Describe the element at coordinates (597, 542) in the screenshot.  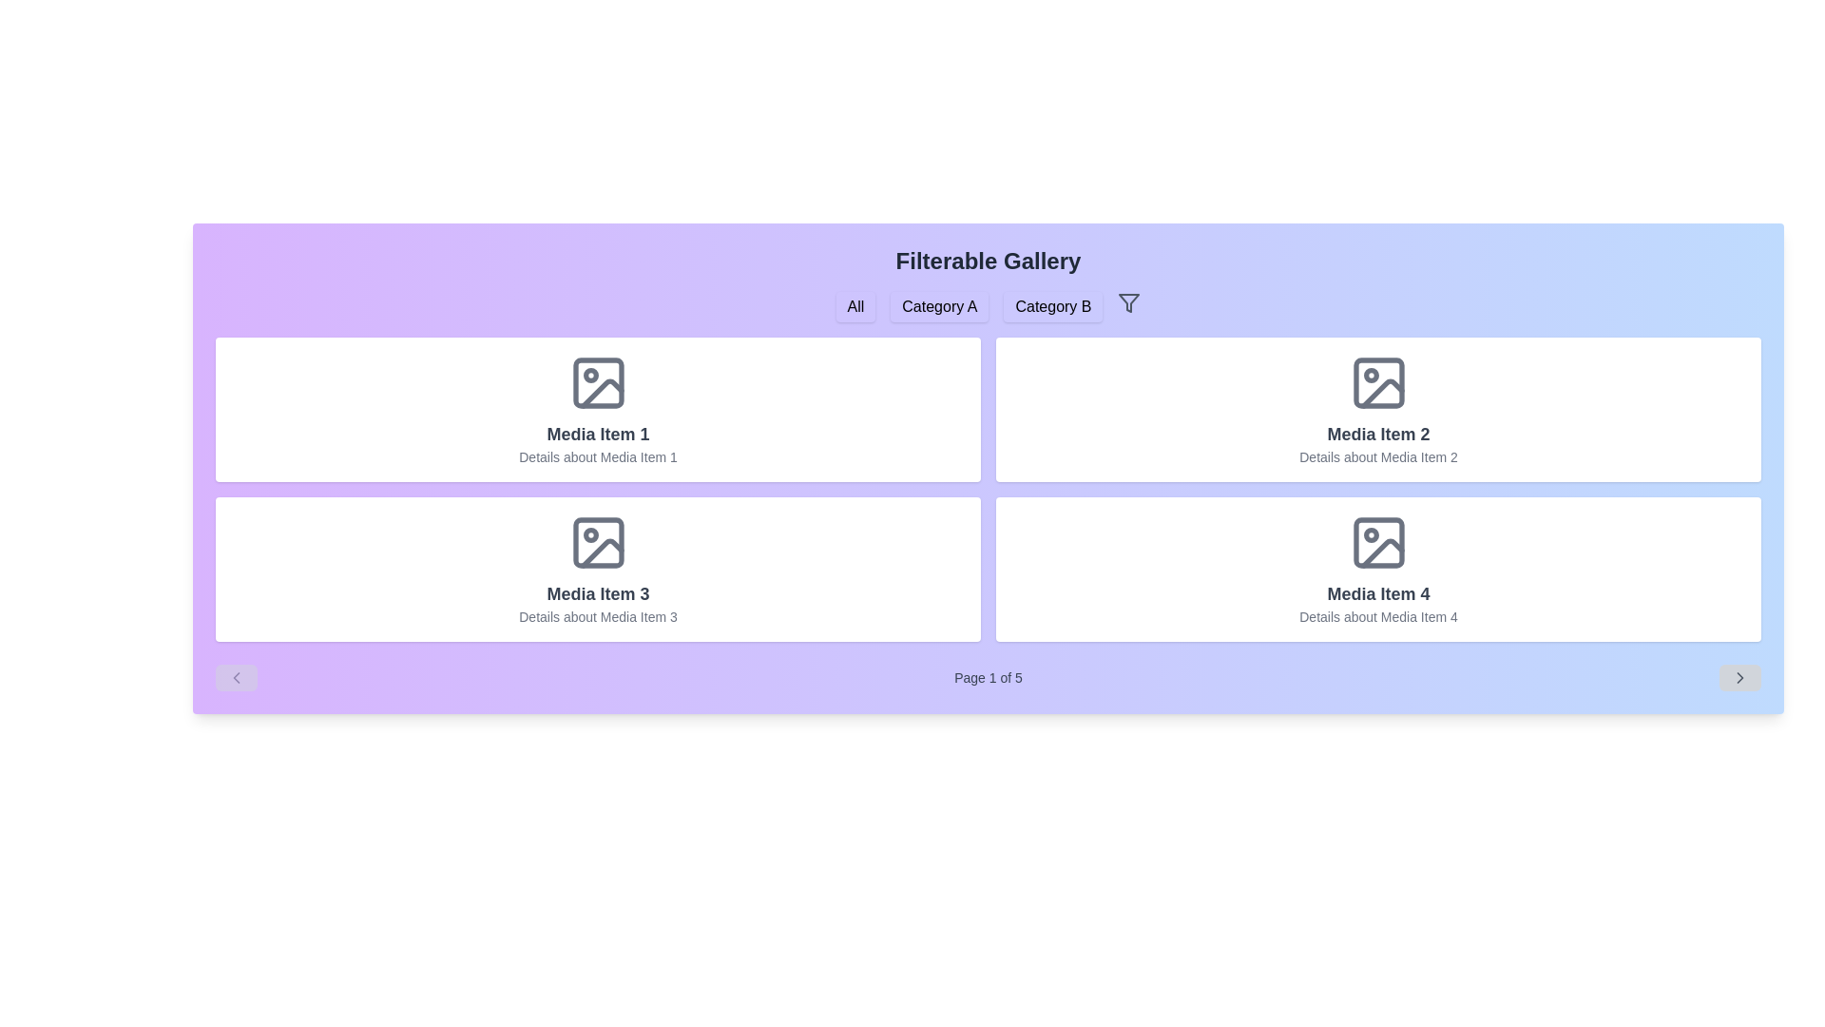
I see `the decorative icon representing 'Media Item 3' located in the third card of the second row in a grid layout` at that location.